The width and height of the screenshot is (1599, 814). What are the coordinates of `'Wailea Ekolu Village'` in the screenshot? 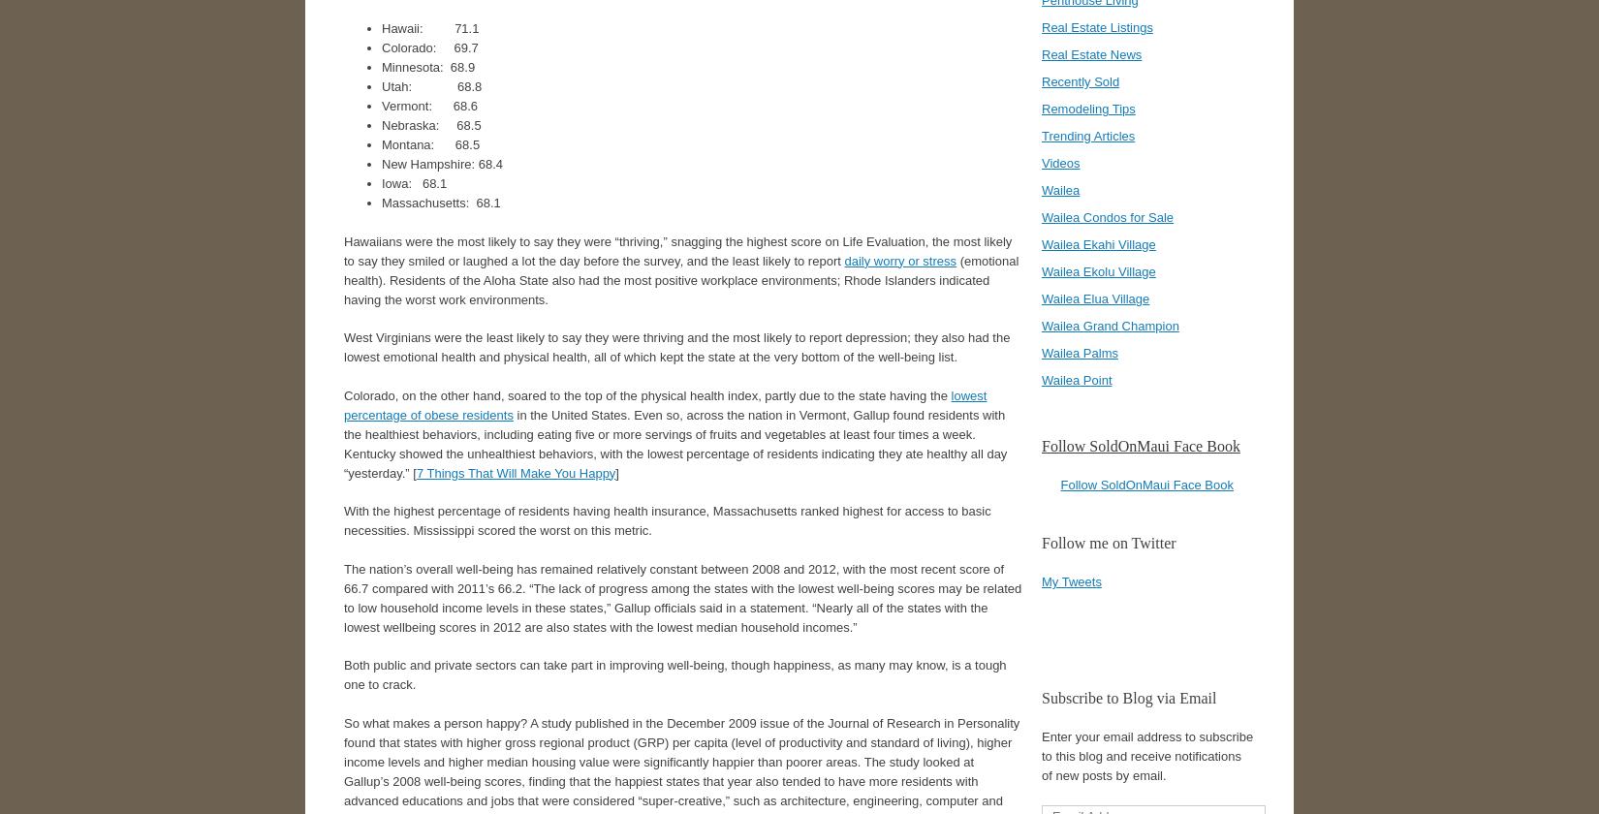 It's located at (1041, 271).